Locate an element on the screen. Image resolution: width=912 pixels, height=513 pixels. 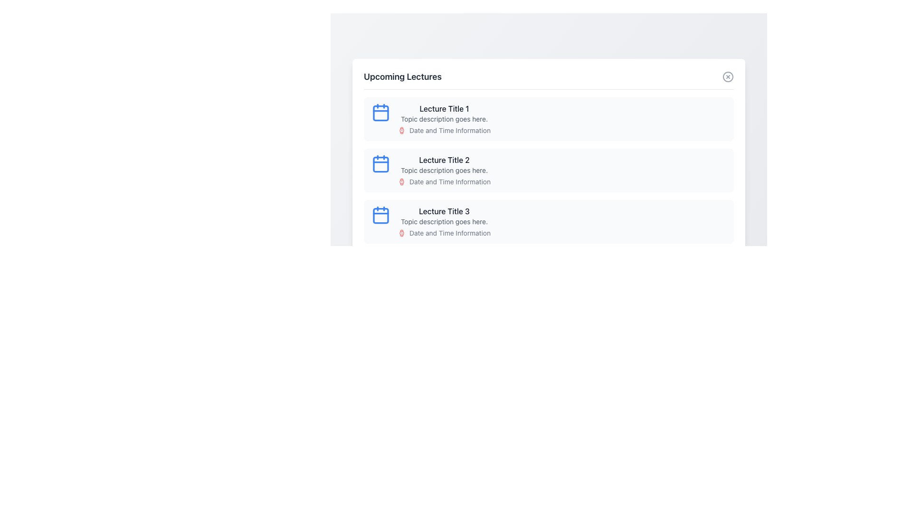
the second informational card in the 'Upcoming Lectures' section, positioned between 'Lecture Title 1' and 'Lecture Title 3' is located at coordinates (549, 170).